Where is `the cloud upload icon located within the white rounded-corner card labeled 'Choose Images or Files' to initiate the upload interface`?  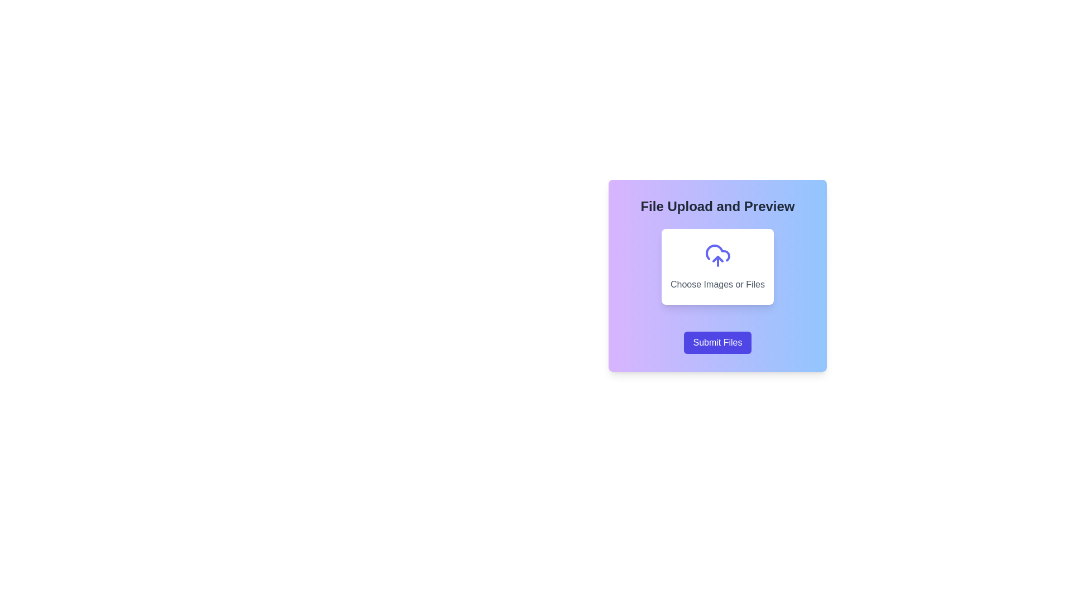
the cloud upload icon located within the white rounded-corner card labeled 'Choose Images or Files' to initiate the upload interface is located at coordinates (717, 256).